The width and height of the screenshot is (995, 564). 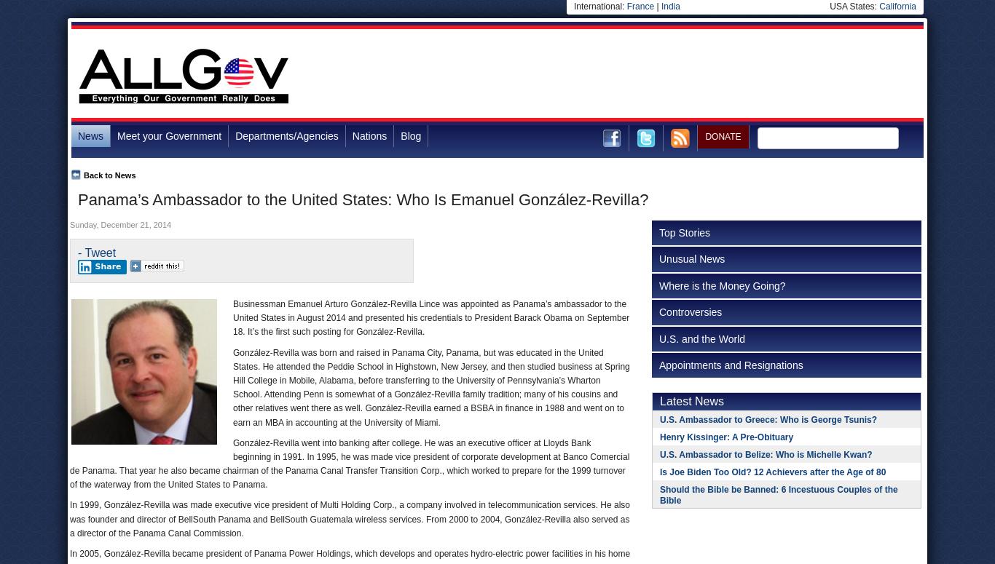 What do you see at coordinates (691, 311) in the screenshot?
I see `'Controversies'` at bounding box center [691, 311].